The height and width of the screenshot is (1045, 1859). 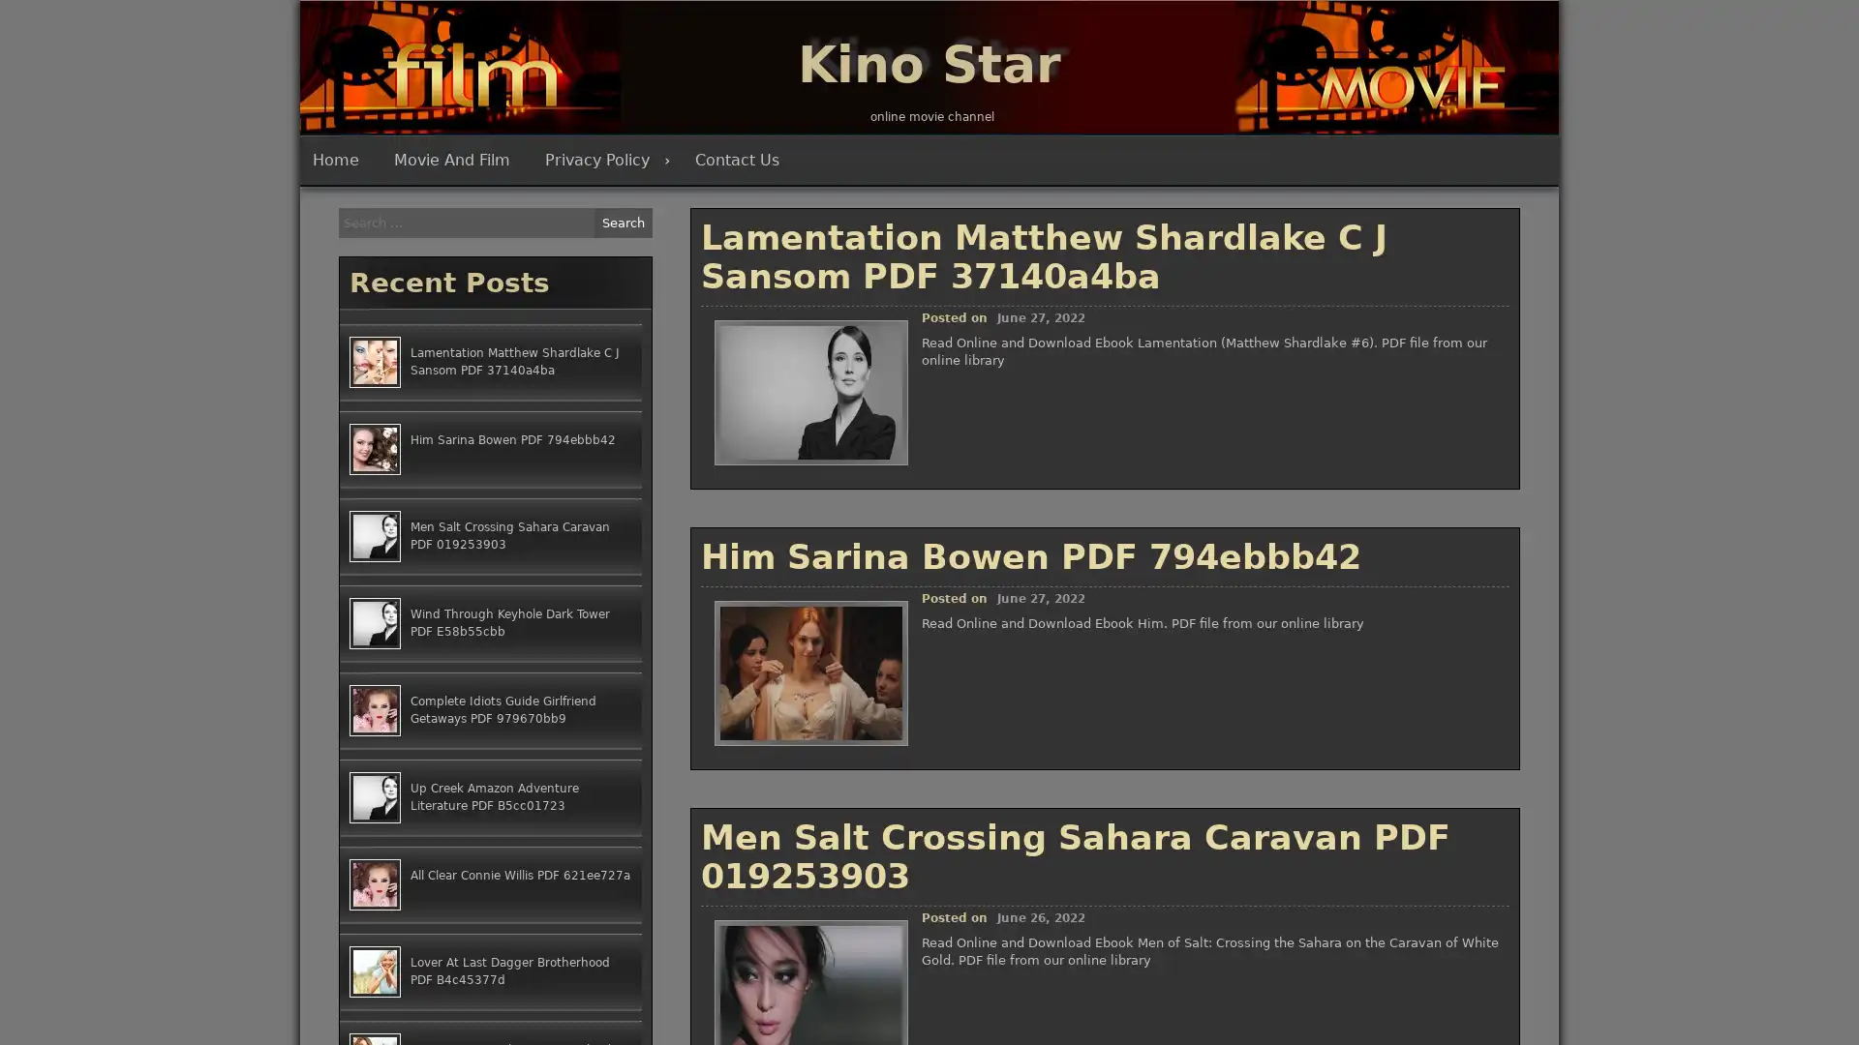 What do you see at coordinates (623, 222) in the screenshot?
I see `Search` at bounding box center [623, 222].